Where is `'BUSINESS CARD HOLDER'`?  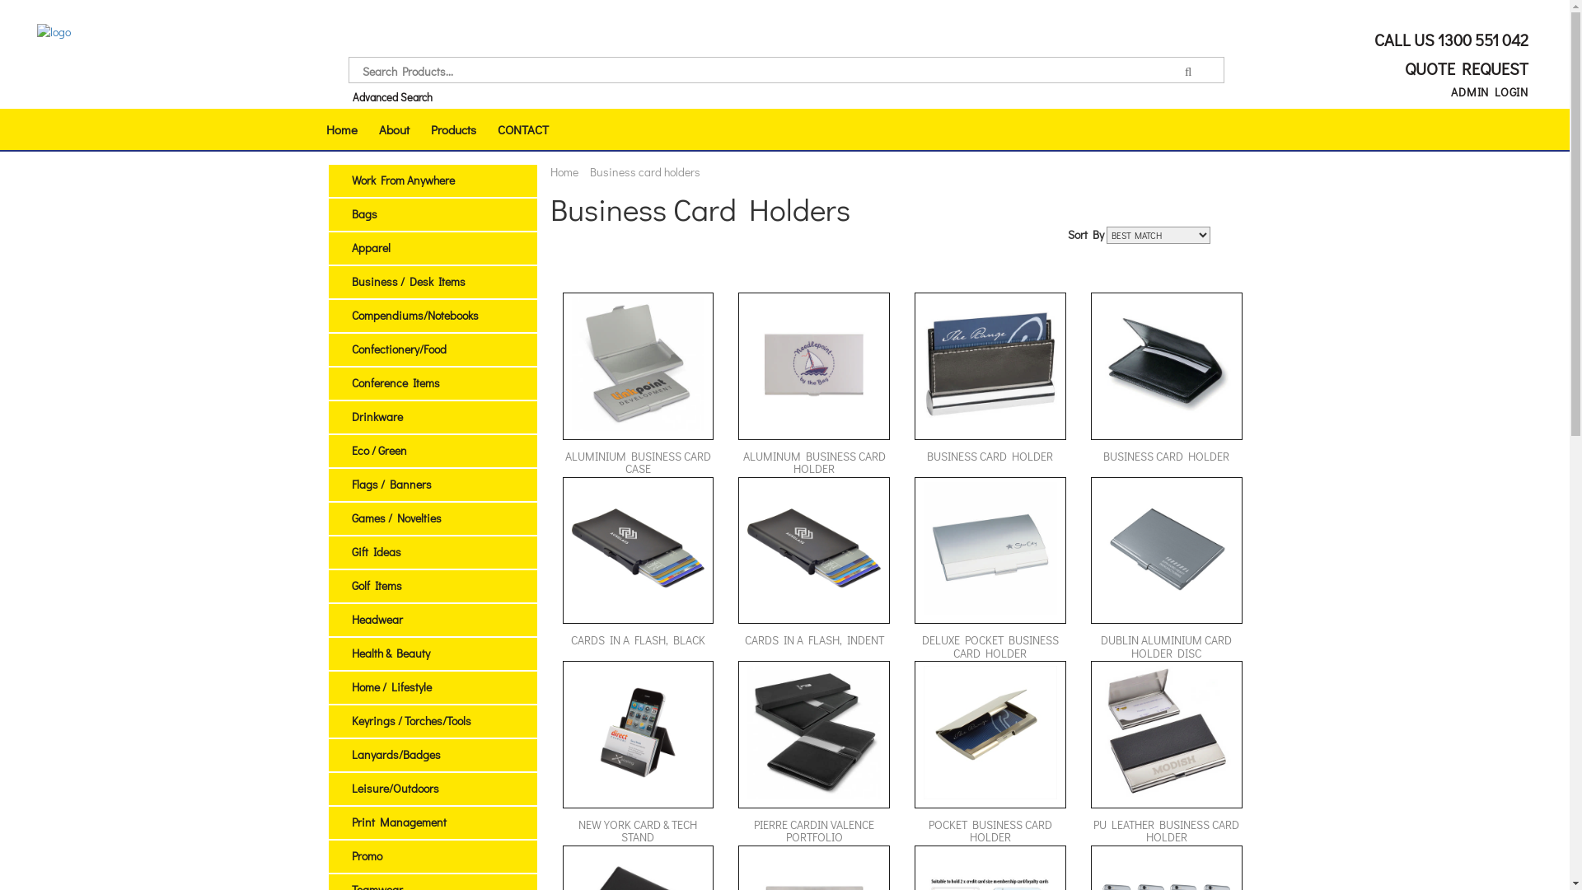 'BUSINESS CARD HOLDER' is located at coordinates (913, 384).